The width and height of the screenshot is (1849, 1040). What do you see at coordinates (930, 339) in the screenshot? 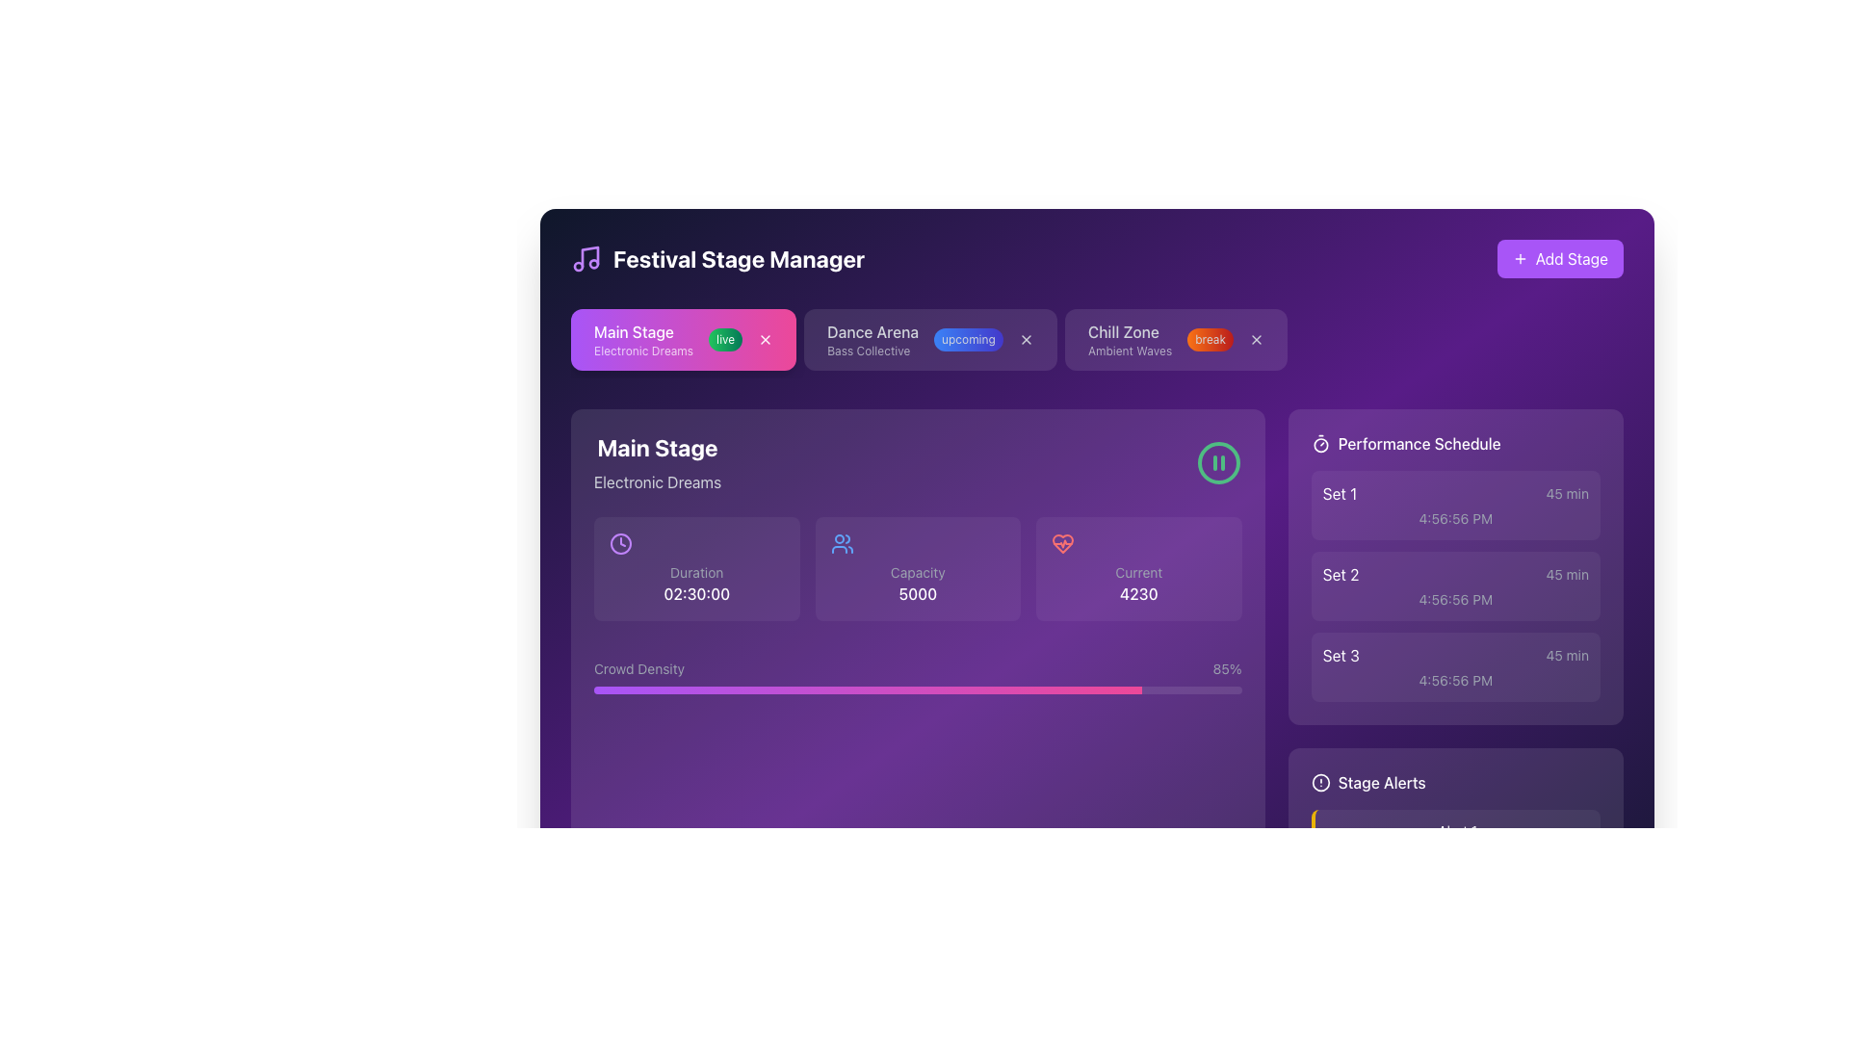
I see `the status label indicating 'upcoming' for the 'Dance Arena' event, which is positioned to the right of the 'Dance Arena' text and above the 'Bass Collective' text` at bounding box center [930, 339].